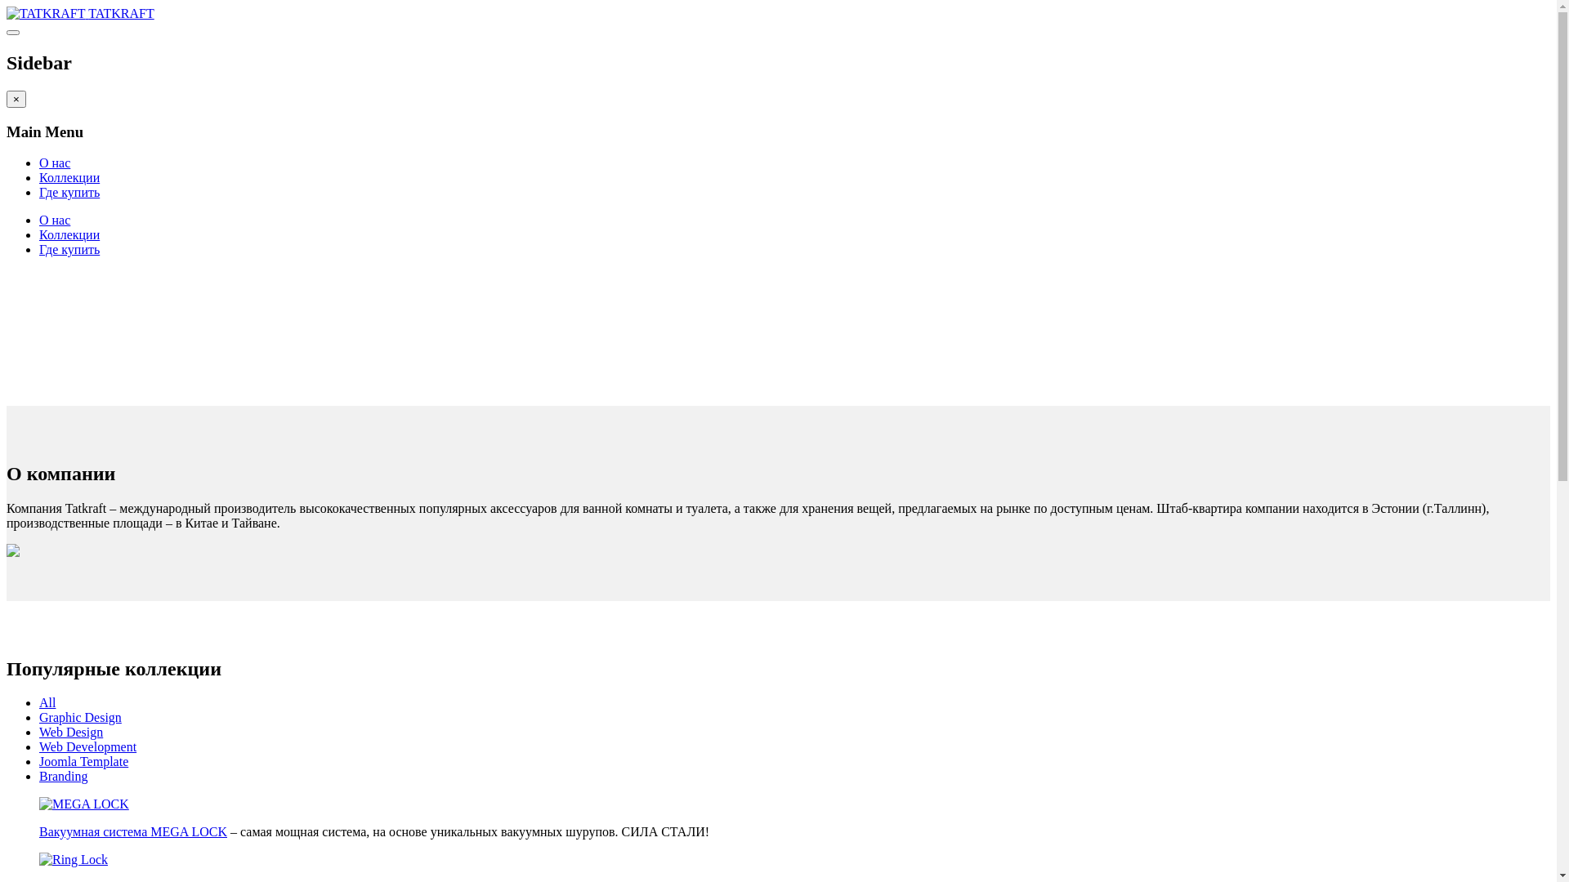  Describe the element at coordinates (39, 702) in the screenshot. I see `'All'` at that location.